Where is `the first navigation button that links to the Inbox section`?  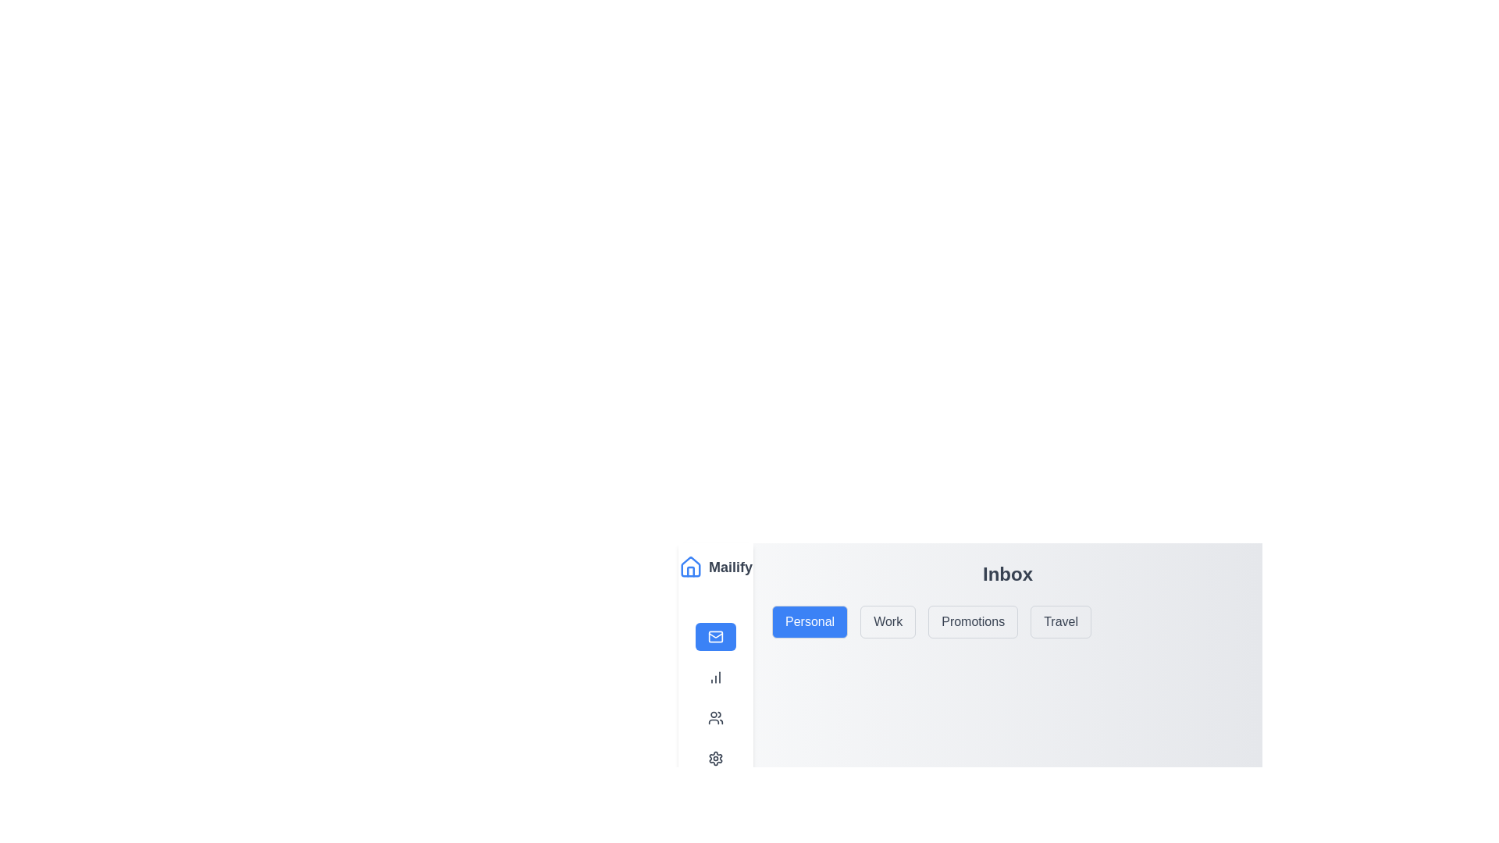
the first navigation button that links to the Inbox section is located at coordinates (714, 637).